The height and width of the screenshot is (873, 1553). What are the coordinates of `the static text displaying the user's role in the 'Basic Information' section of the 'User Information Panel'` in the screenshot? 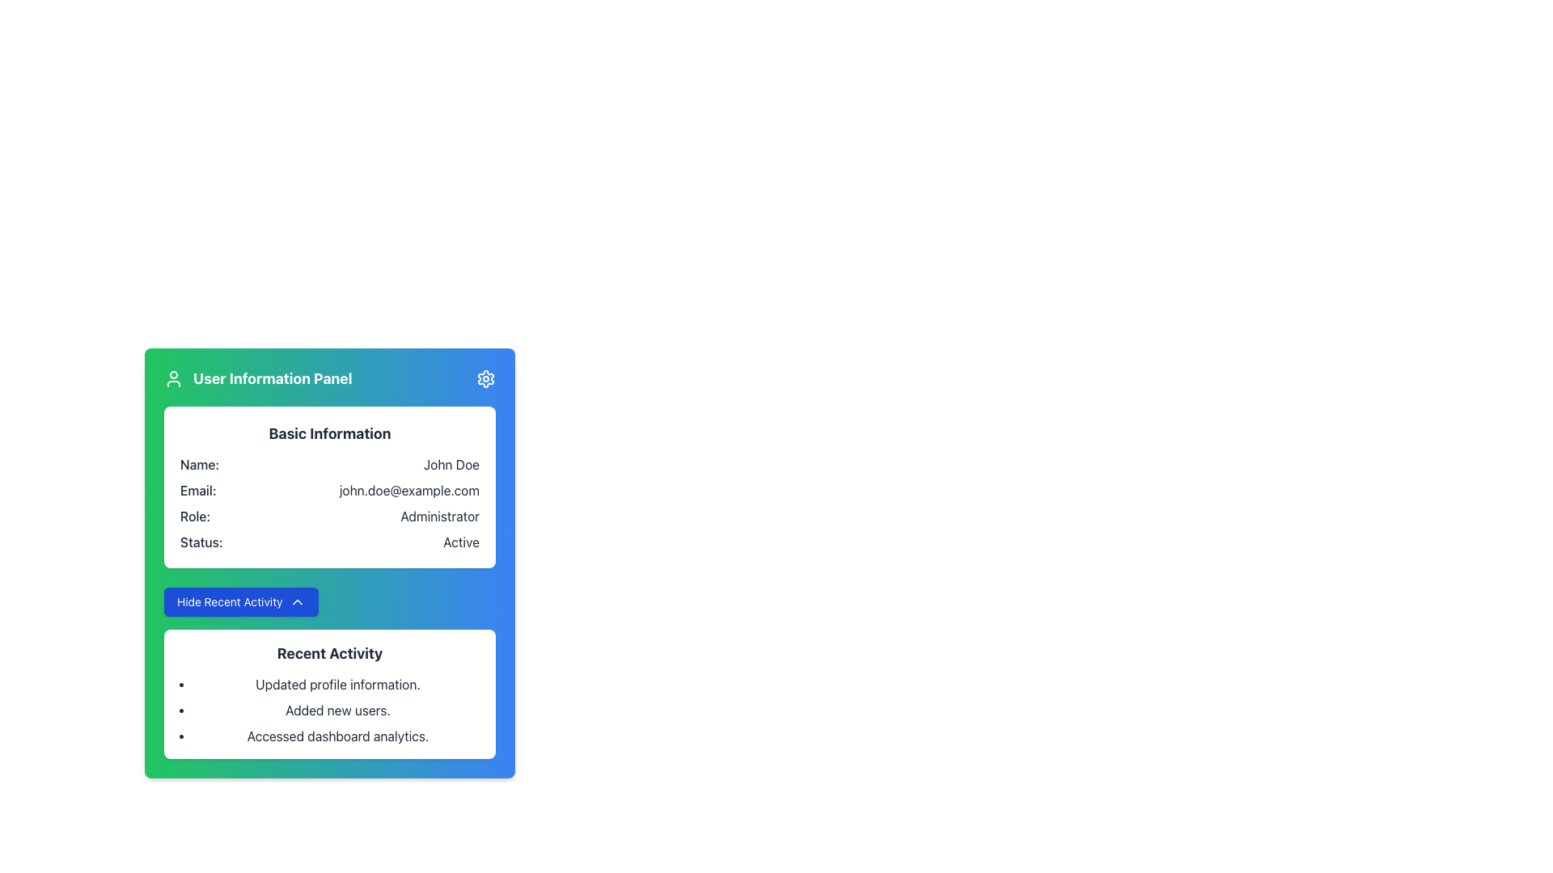 It's located at (440, 517).